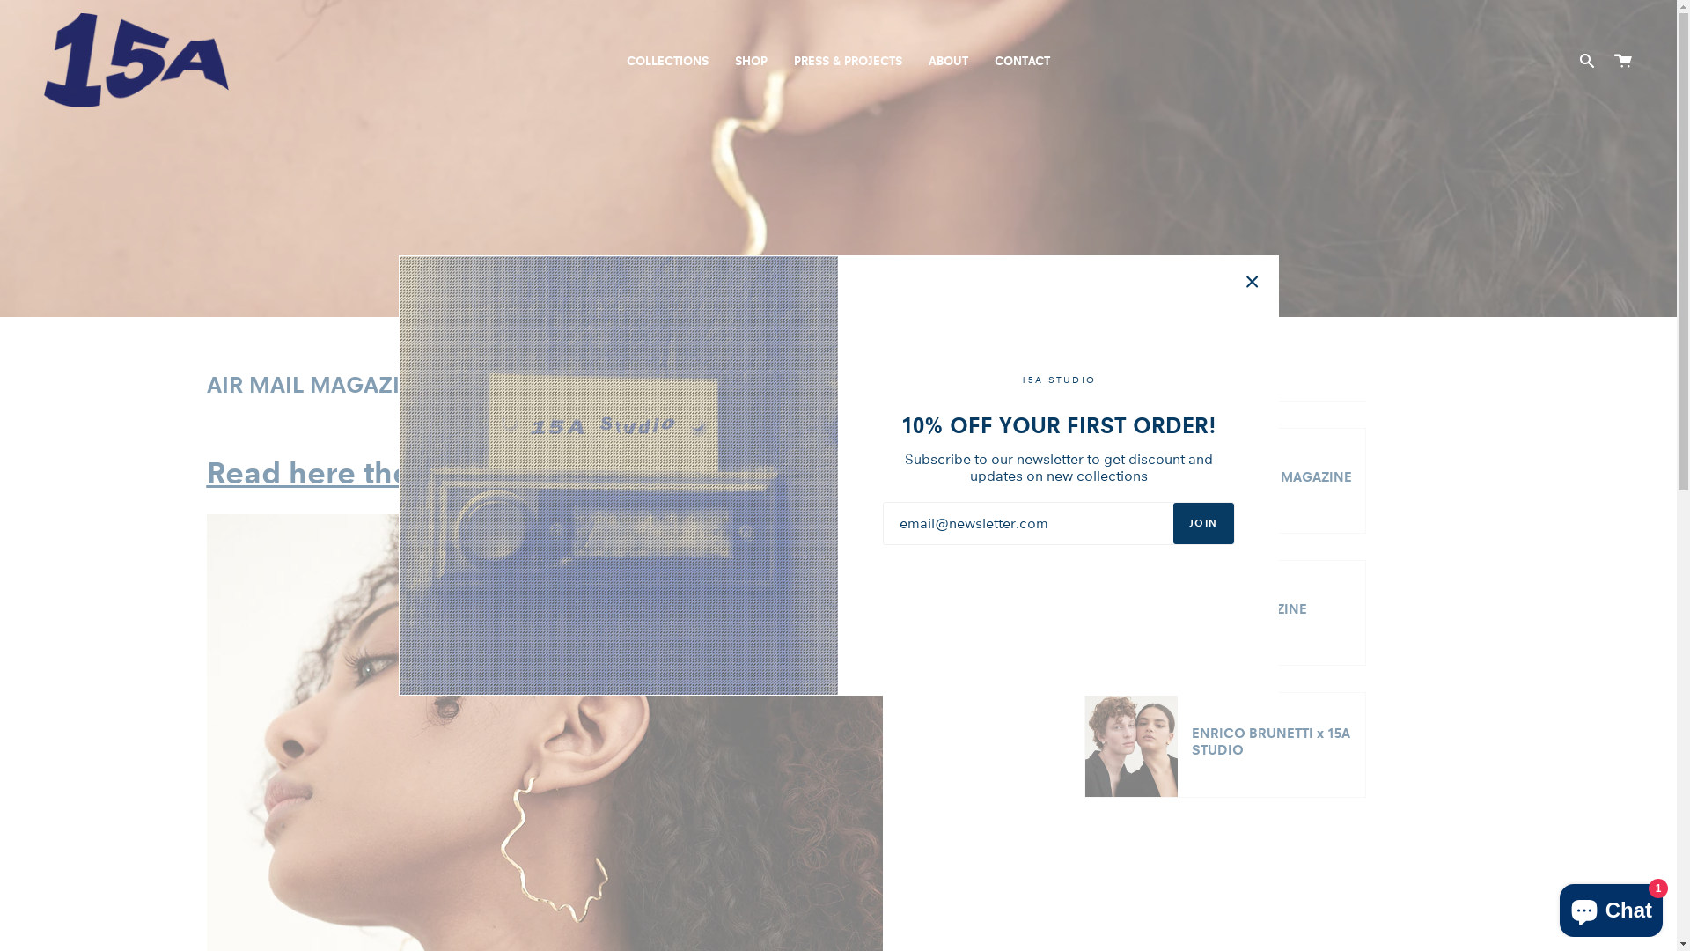 This screenshot has width=1690, height=951. I want to click on 'COLLECTIONS', so click(666, 59).